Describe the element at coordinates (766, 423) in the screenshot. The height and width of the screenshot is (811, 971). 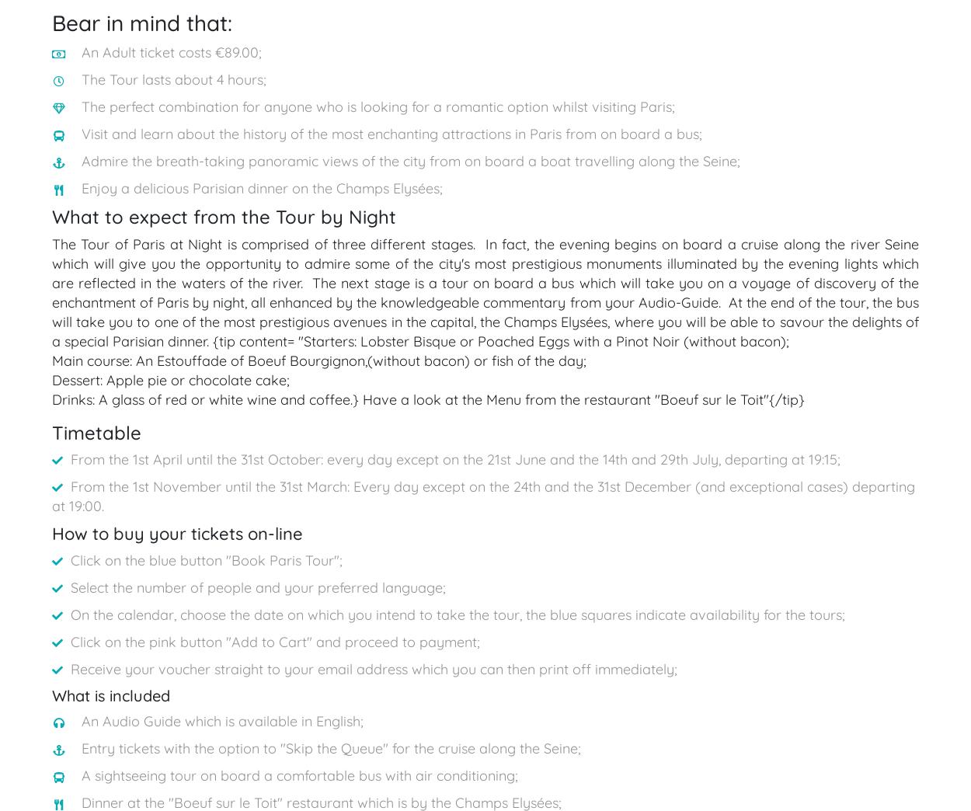
I see `'PCI Compliance'` at that location.